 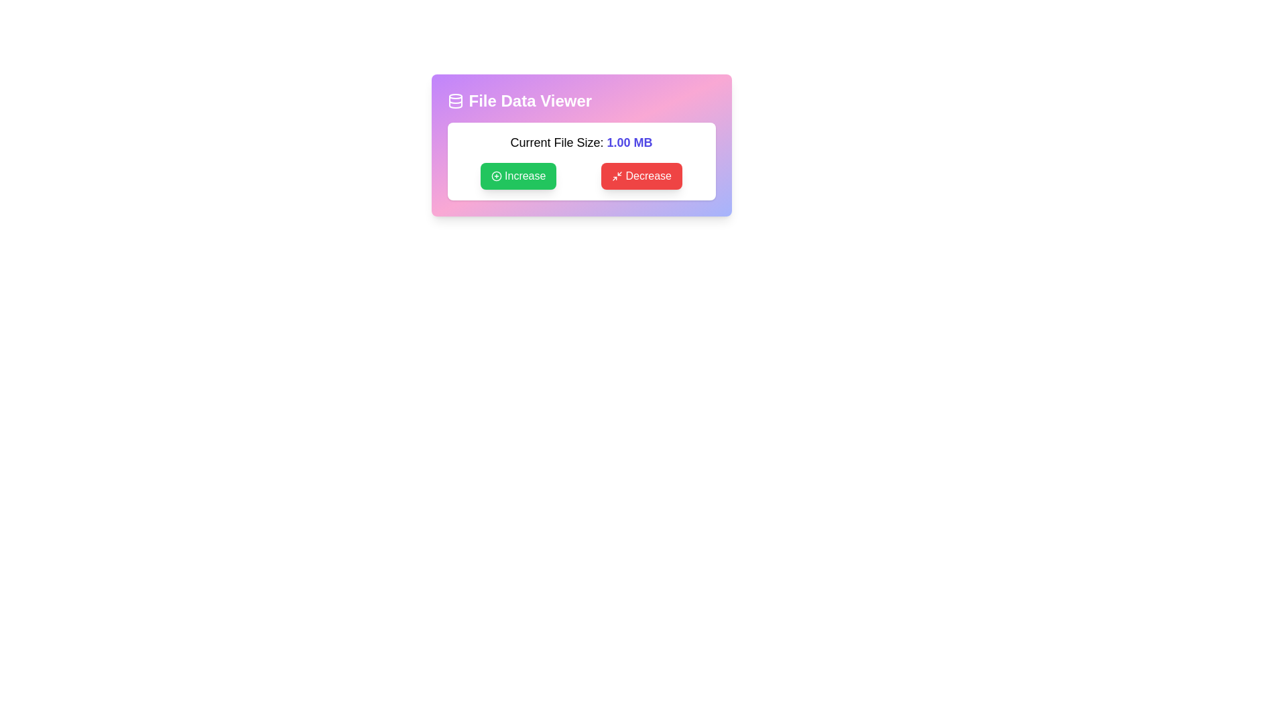 I want to click on the plus symbol enclosed within a green circle that is located inside the 'Increase' button, positioned in the first row of buttons on the left side of the interface, so click(x=496, y=175).